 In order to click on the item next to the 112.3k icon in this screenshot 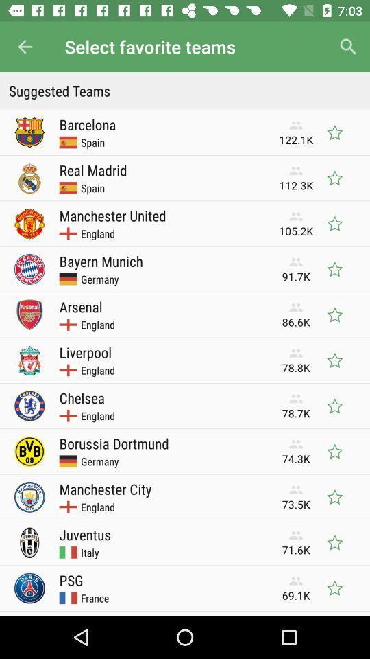, I will do `click(92, 169)`.